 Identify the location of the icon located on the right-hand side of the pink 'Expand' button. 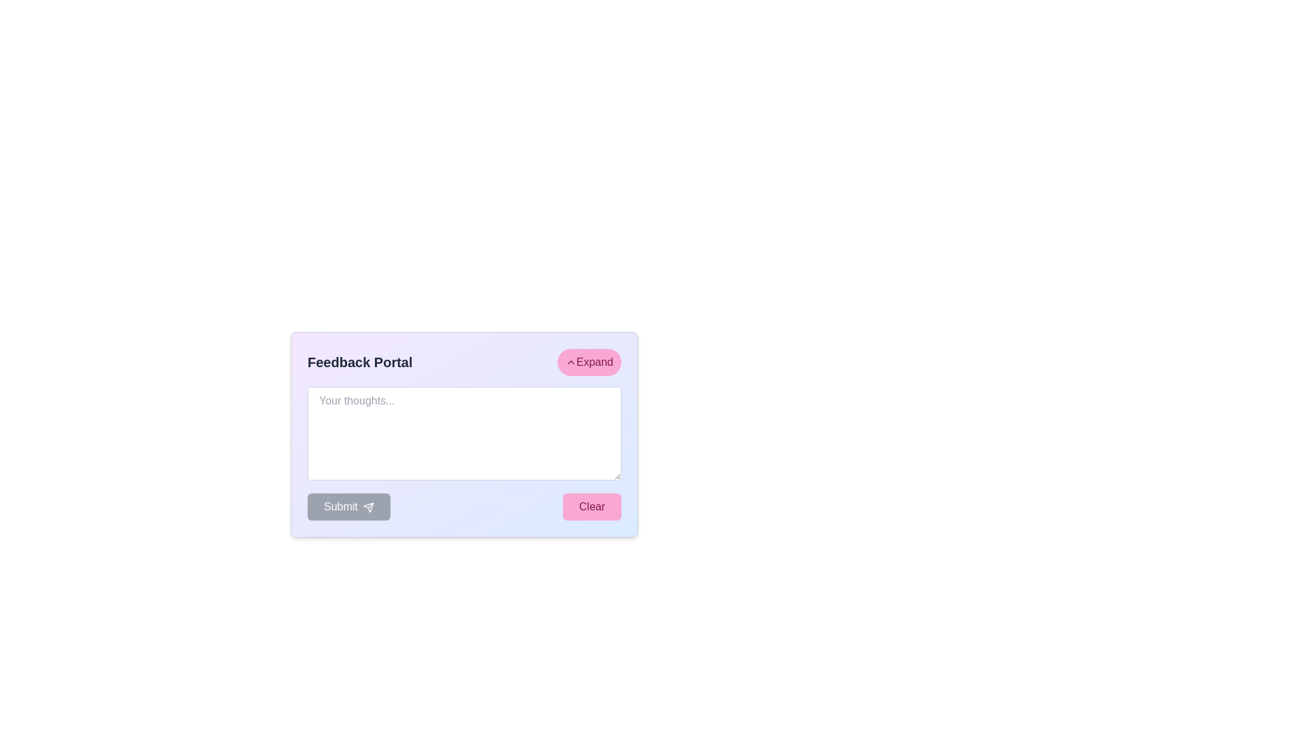
(570, 361).